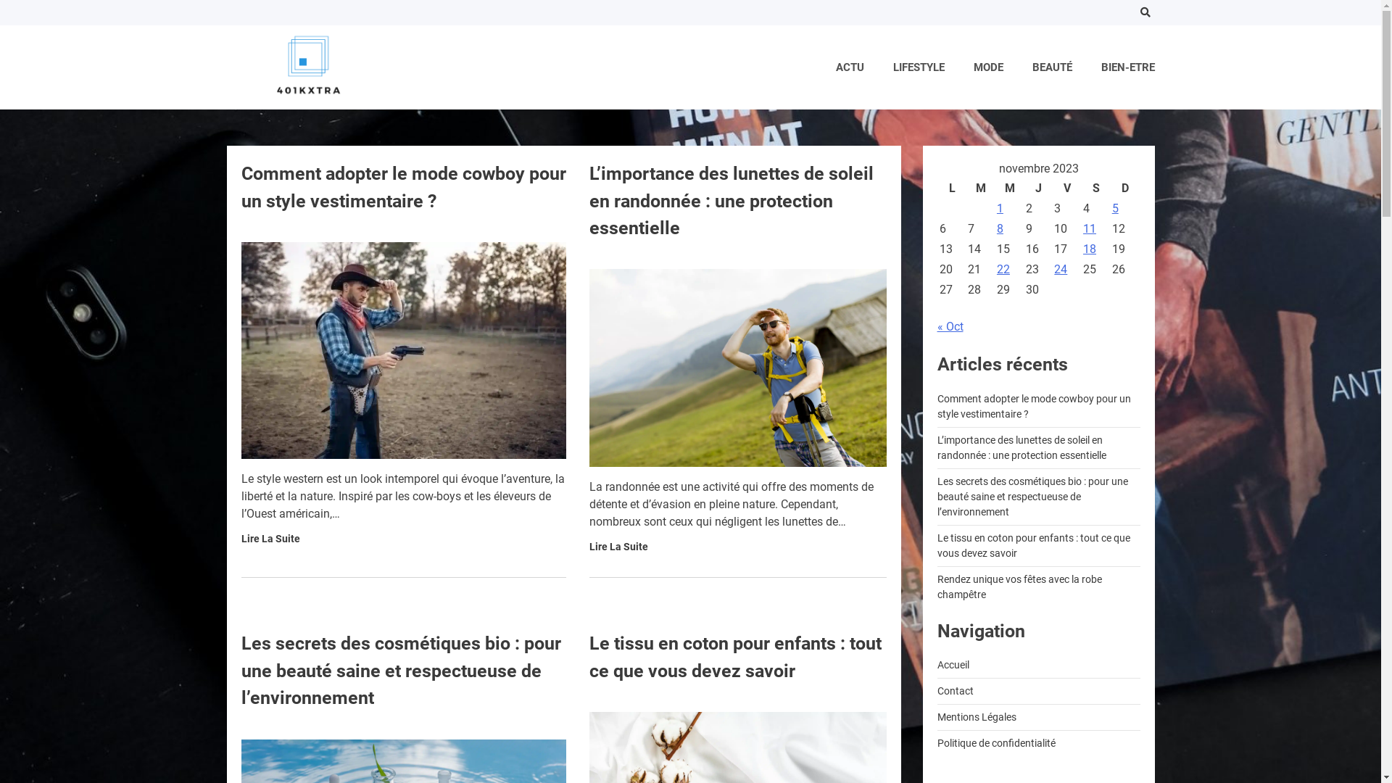 The height and width of the screenshot is (783, 1392). Describe the element at coordinates (1127, 67) in the screenshot. I see `'BIEN-ETRE'` at that location.